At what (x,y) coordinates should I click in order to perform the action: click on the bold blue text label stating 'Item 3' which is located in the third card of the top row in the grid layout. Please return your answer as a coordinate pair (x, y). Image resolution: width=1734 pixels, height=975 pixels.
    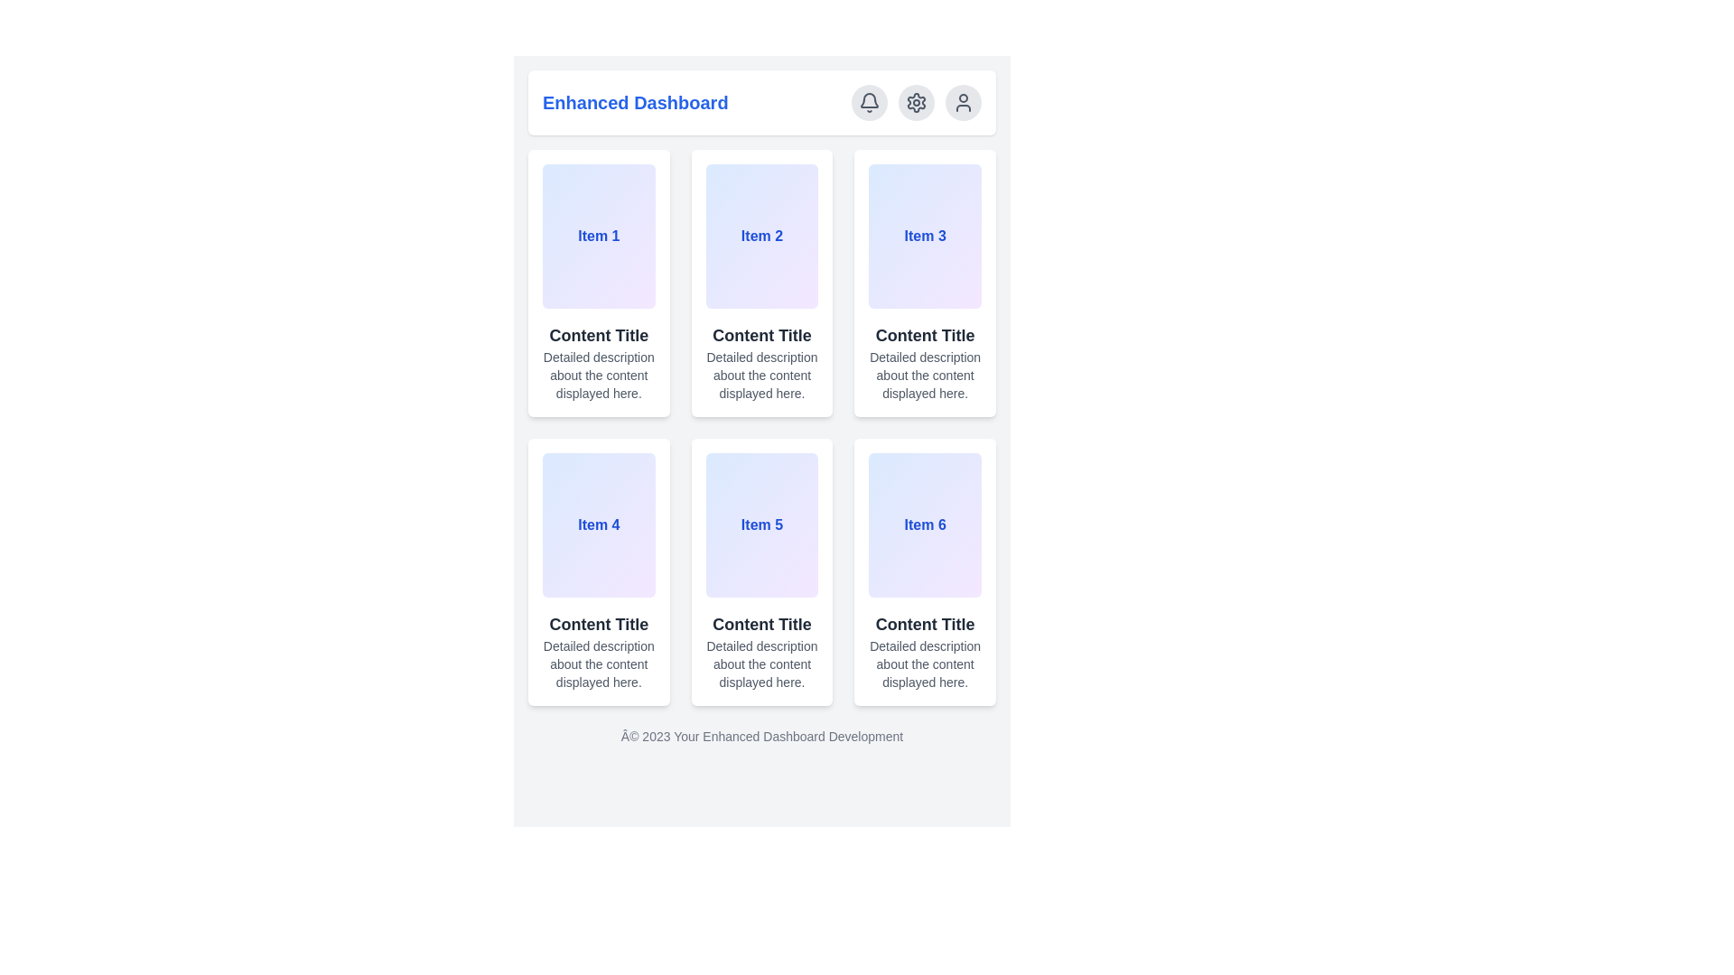
    Looking at the image, I should click on (925, 236).